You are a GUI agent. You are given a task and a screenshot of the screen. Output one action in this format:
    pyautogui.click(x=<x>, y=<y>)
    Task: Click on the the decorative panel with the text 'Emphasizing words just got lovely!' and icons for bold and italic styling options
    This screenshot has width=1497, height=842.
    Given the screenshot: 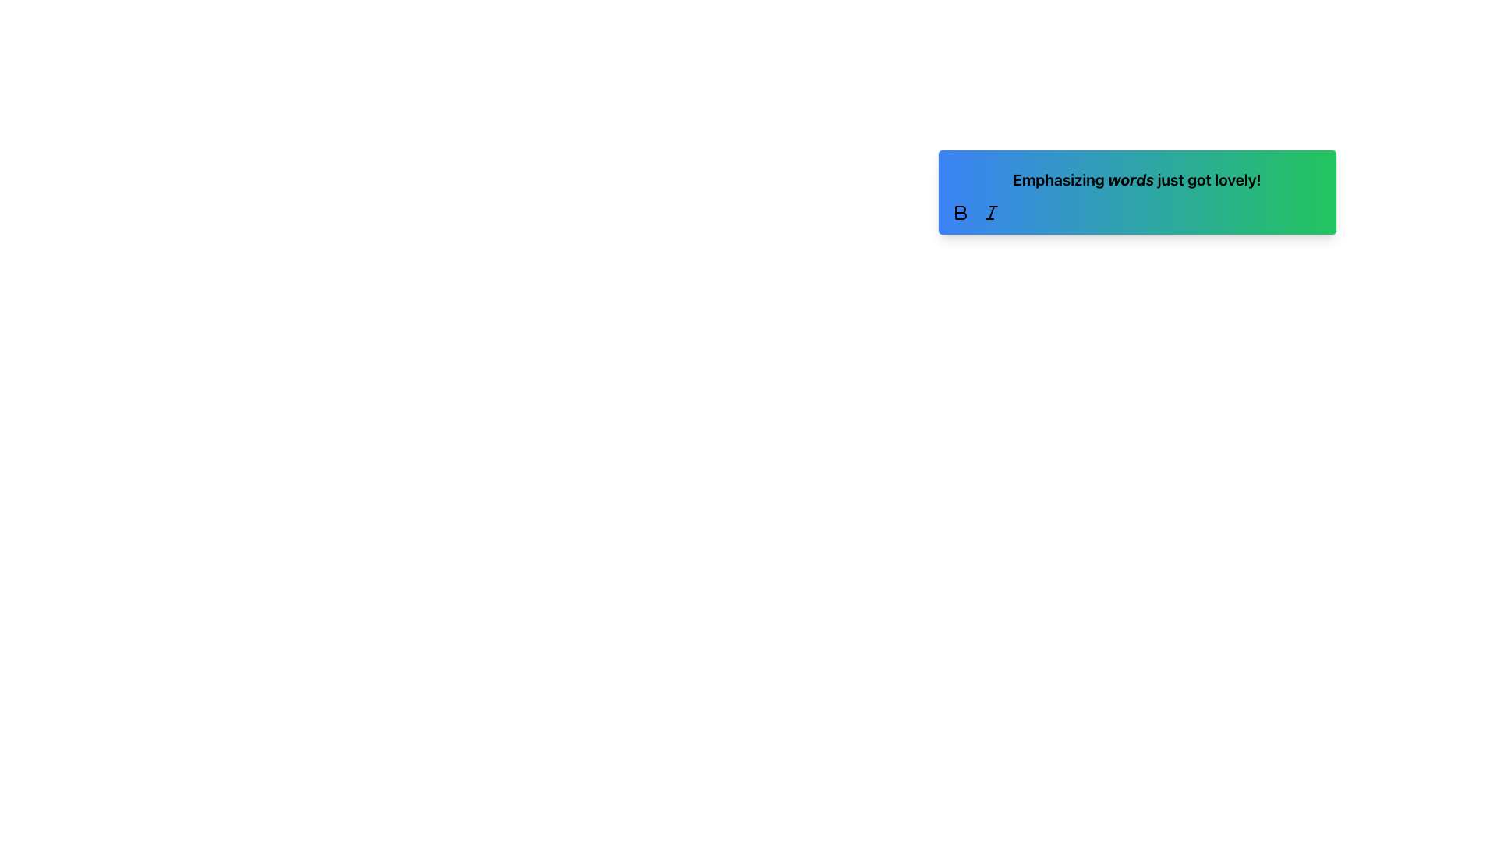 What is the action you would take?
    pyautogui.click(x=1137, y=191)
    